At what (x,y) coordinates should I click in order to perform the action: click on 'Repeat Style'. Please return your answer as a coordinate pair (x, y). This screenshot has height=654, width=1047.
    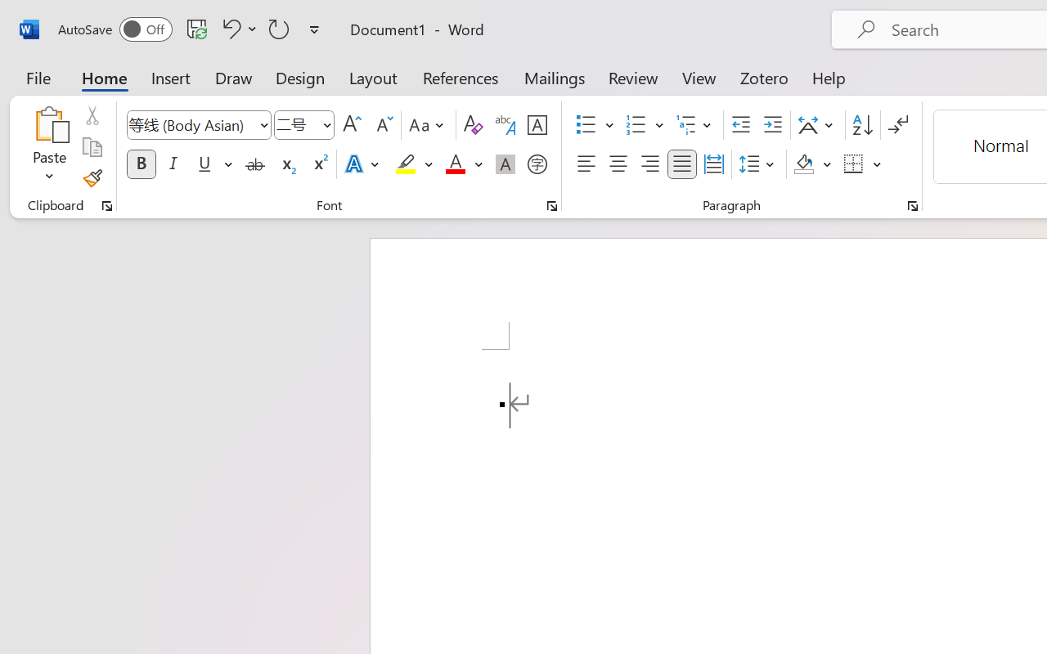
    Looking at the image, I should click on (279, 28).